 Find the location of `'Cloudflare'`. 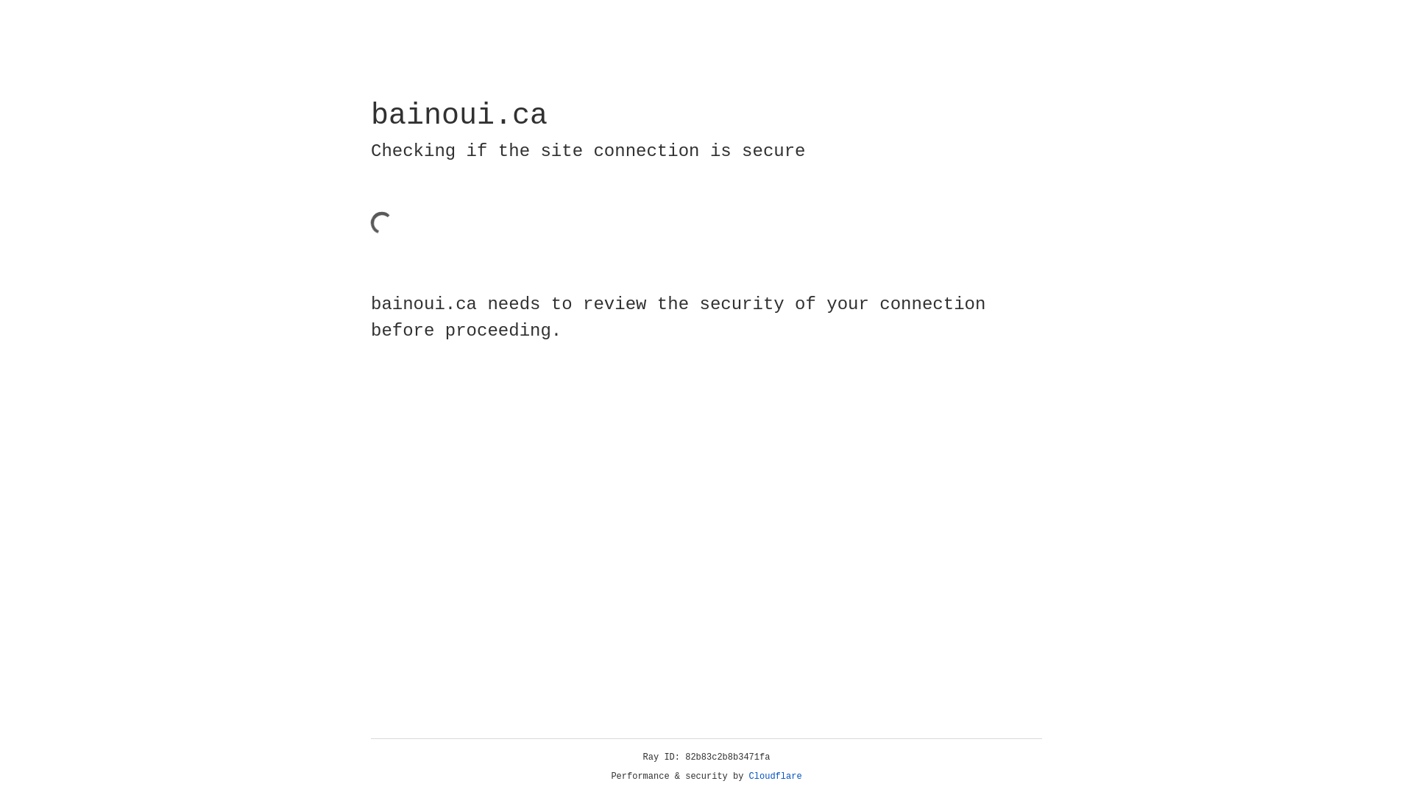

'Cloudflare' is located at coordinates (748, 776).